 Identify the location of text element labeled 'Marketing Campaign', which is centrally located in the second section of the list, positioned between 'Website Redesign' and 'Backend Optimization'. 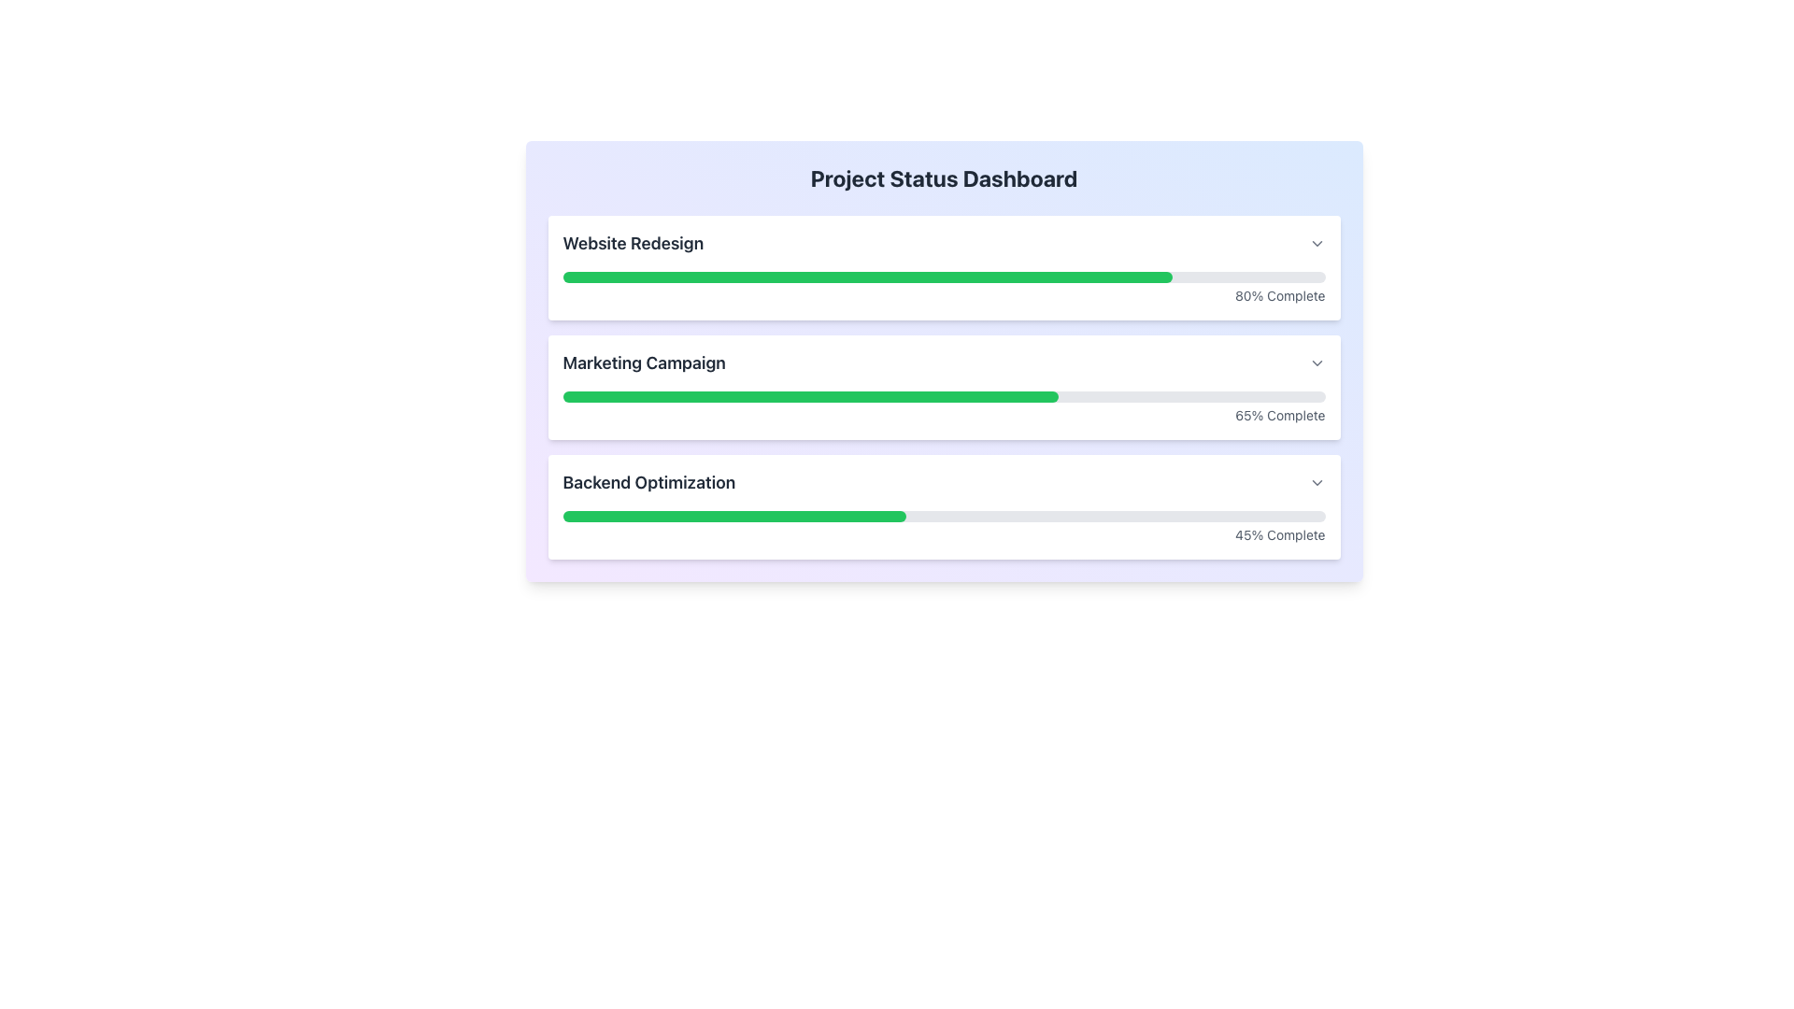
(644, 363).